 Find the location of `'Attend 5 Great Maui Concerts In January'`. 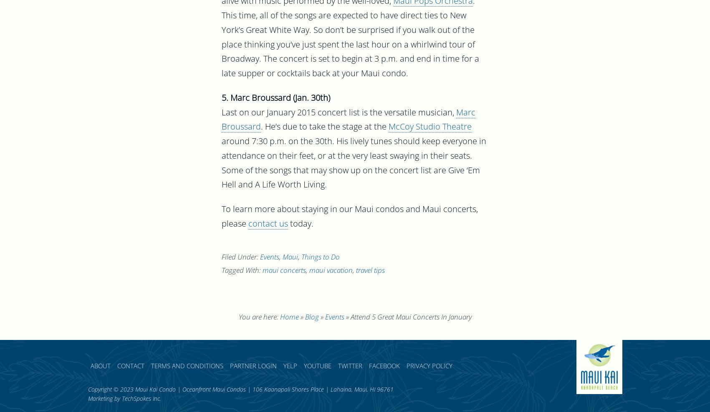

'Attend 5 Great Maui Concerts In January' is located at coordinates (411, 318).